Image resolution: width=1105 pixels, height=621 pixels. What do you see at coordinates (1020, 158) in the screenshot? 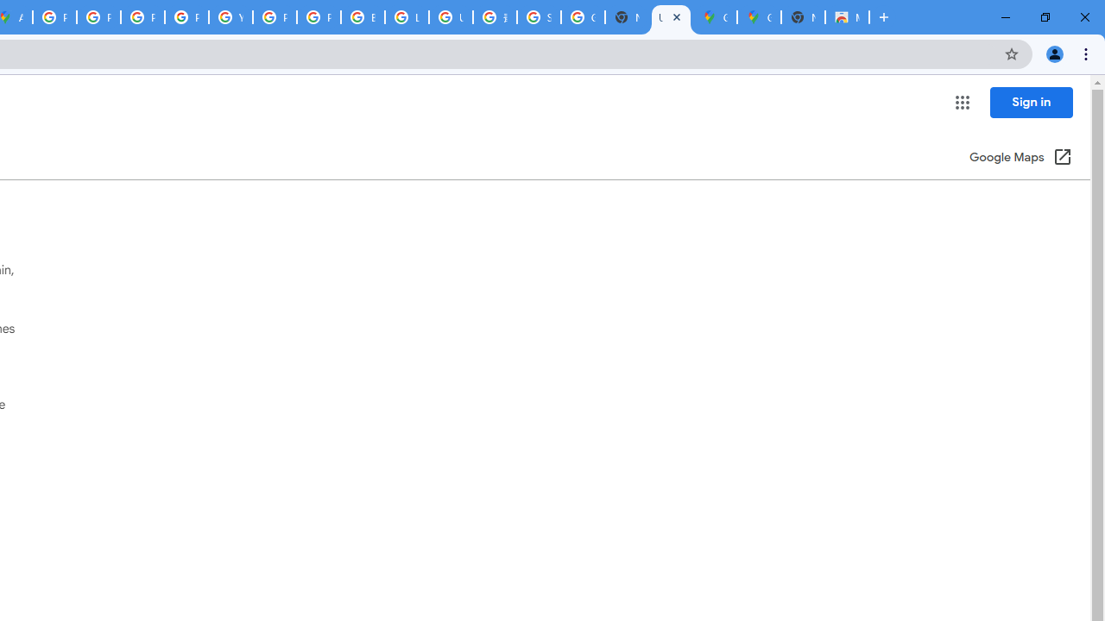
I see `'Google Maps (Open in a new window)'` at bounding box center [1020, 158].